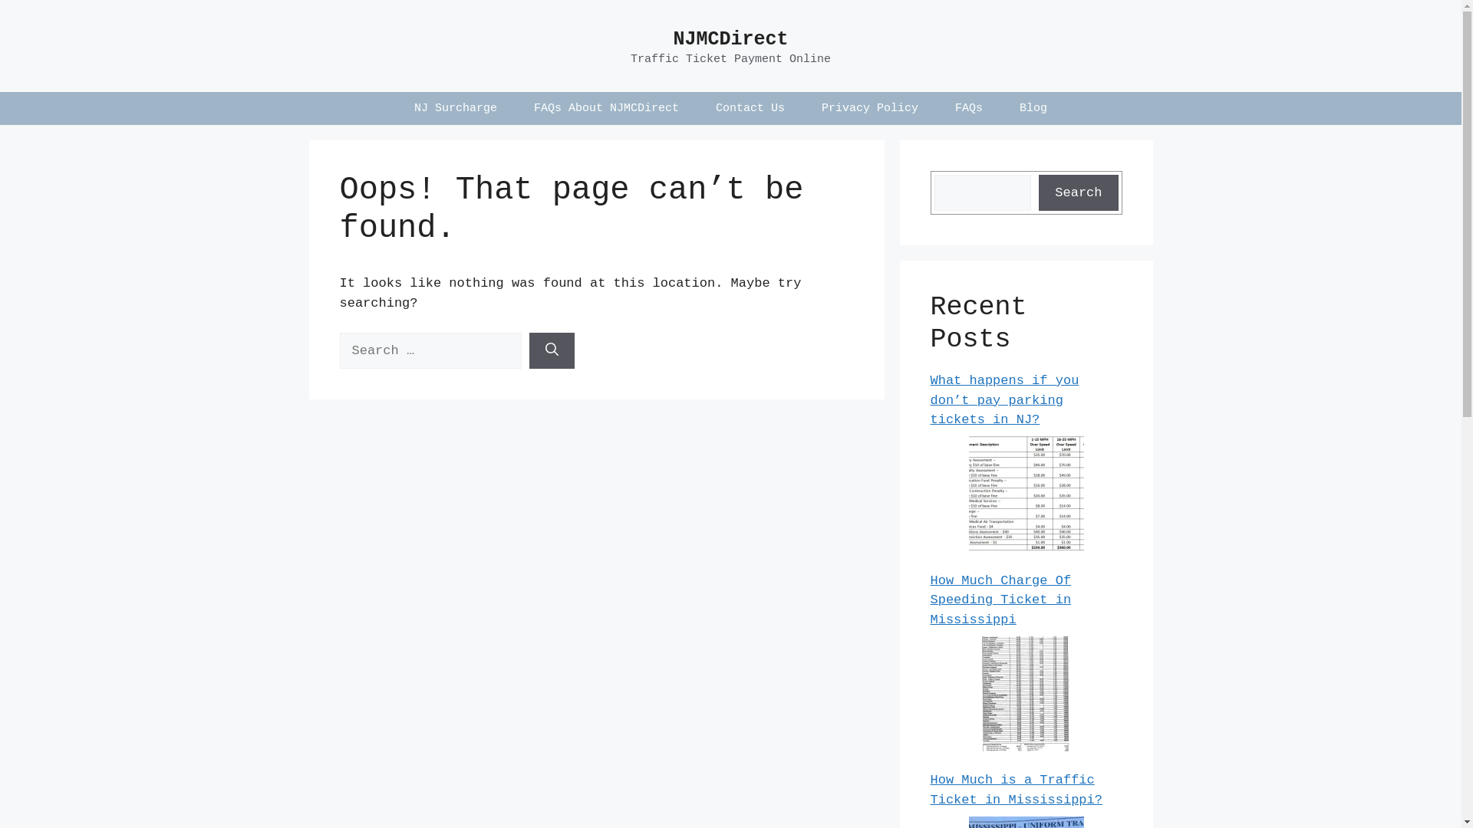 The image size is (1473, 828). I want to click on 'Privacy Policy', so click(802, 107).